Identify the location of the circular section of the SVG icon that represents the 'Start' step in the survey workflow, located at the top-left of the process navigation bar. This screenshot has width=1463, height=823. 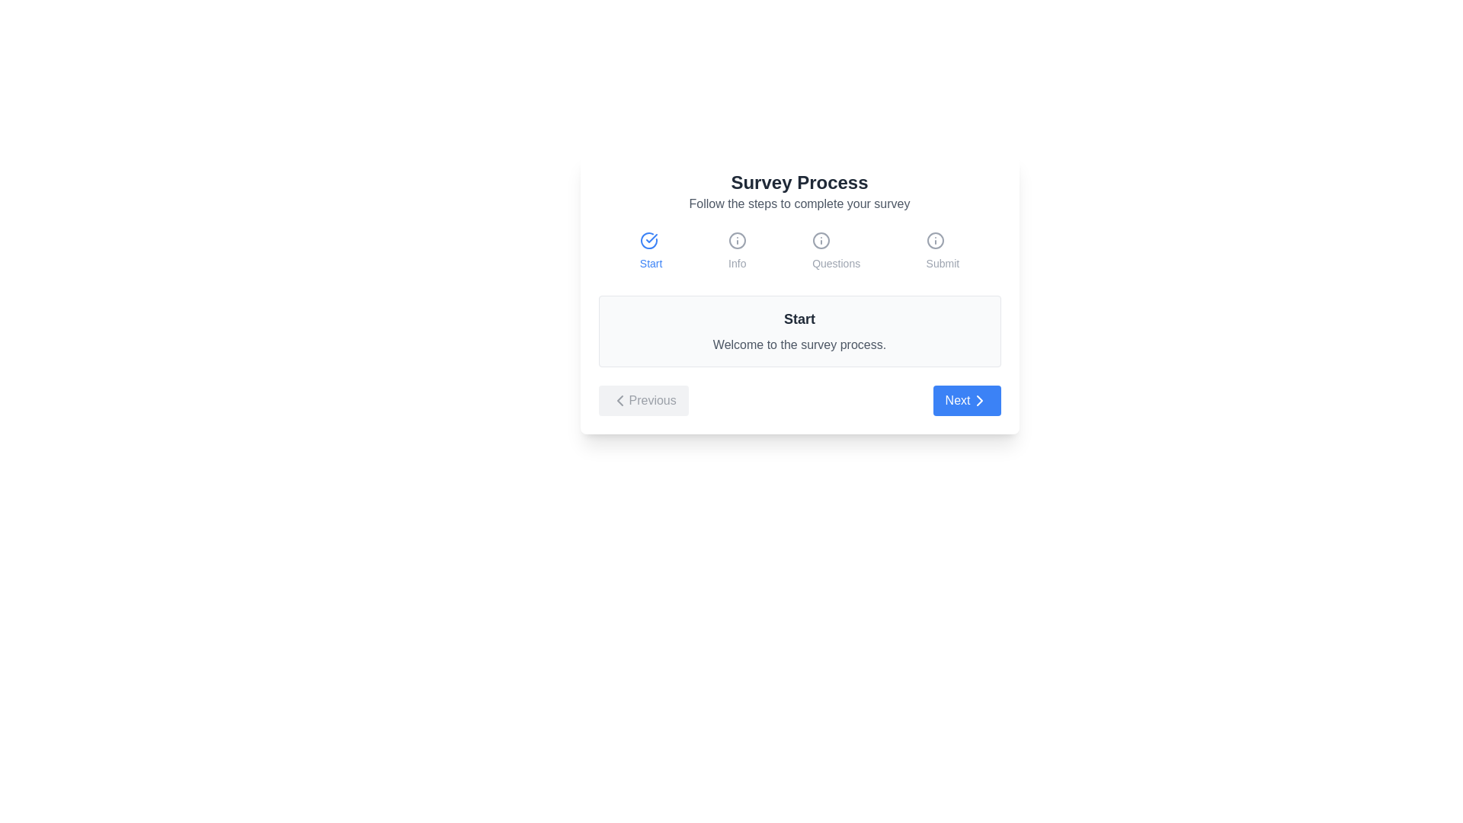
(648, 240).